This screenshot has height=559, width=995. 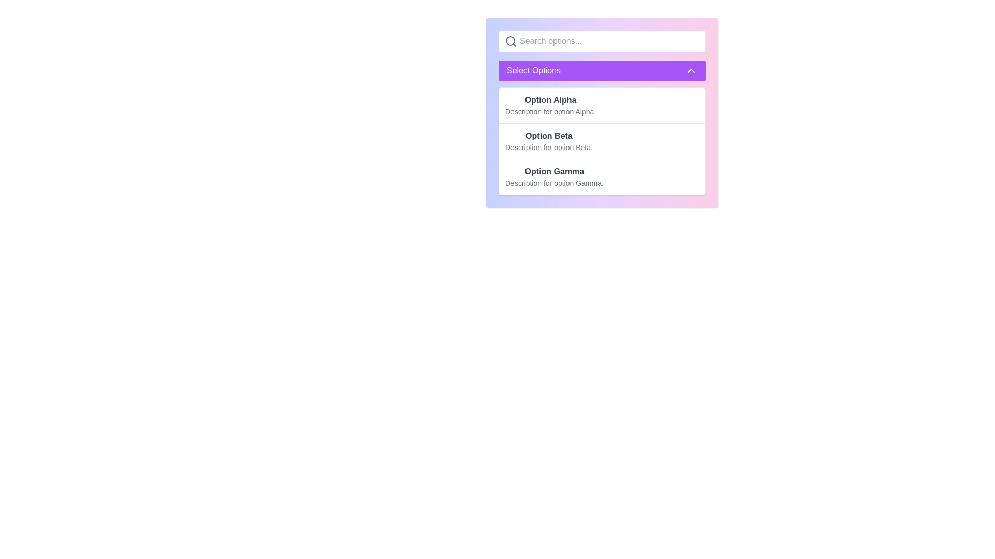 What do you see at coordinates (550, 112) in the screenshot?
I see `the text label displaying 'Description for option Alpha.' which is located beneath the header 'Option Alpha.'` at bounding box center [550, 112].